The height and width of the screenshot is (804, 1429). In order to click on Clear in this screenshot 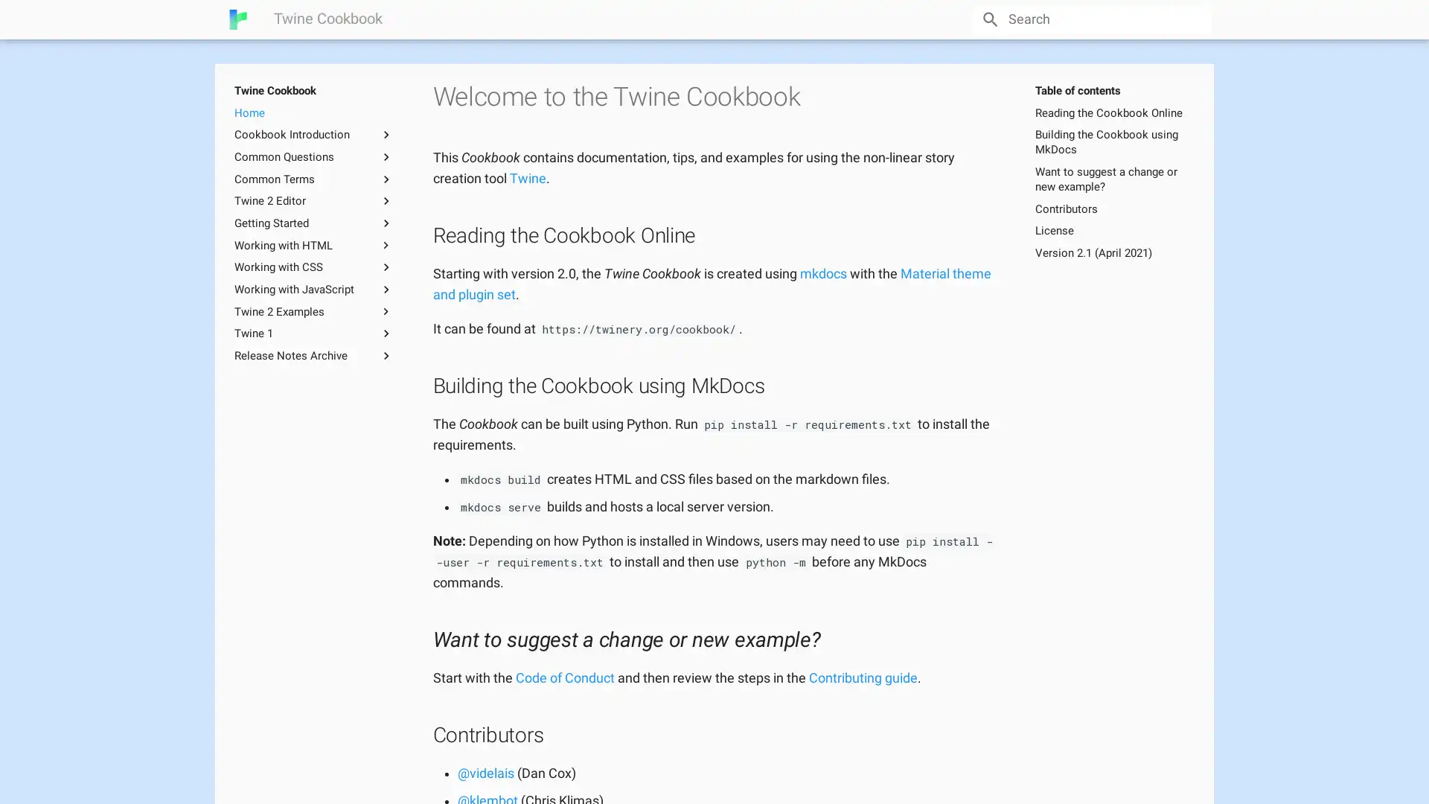, I will do `click(1192, 19)`.